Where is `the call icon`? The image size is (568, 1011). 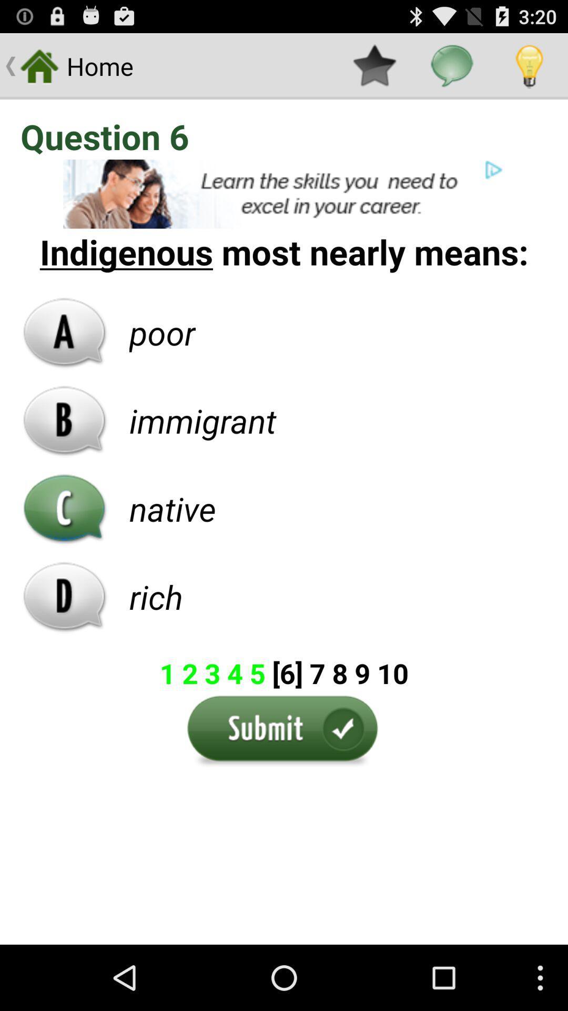 the call icon is located at coordinates (65, 544).